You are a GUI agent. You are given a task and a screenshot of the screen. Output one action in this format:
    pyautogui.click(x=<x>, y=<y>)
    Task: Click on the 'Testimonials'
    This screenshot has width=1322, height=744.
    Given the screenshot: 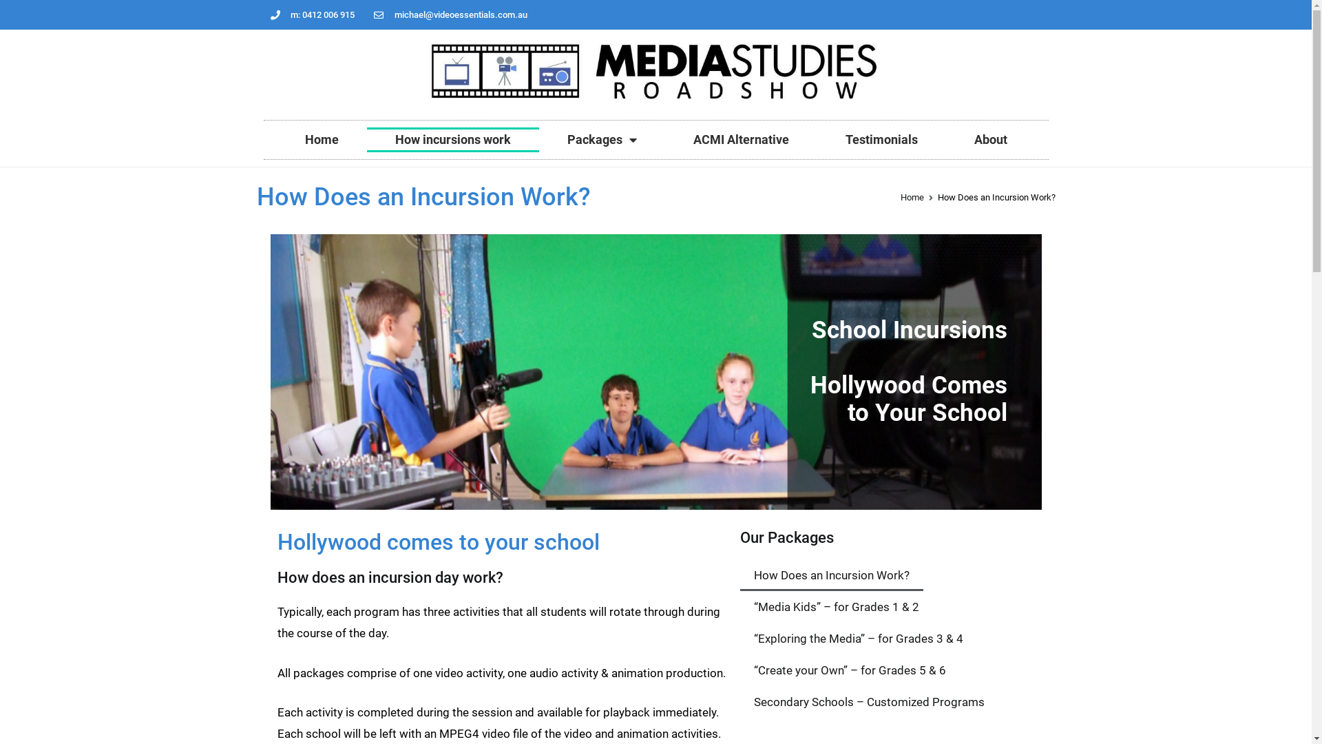 What is the action you would take?
    pyautogui.click(x=880, y=140)
    